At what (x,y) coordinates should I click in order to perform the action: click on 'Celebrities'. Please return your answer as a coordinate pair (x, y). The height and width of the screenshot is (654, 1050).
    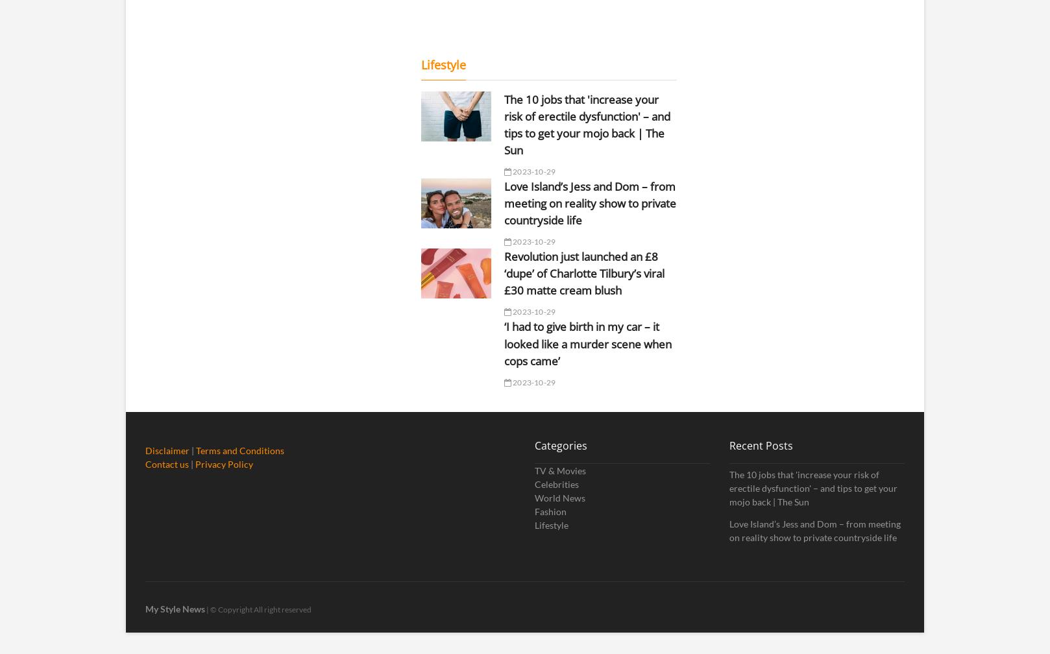
    Looking at the image, I should click on (557, 483).